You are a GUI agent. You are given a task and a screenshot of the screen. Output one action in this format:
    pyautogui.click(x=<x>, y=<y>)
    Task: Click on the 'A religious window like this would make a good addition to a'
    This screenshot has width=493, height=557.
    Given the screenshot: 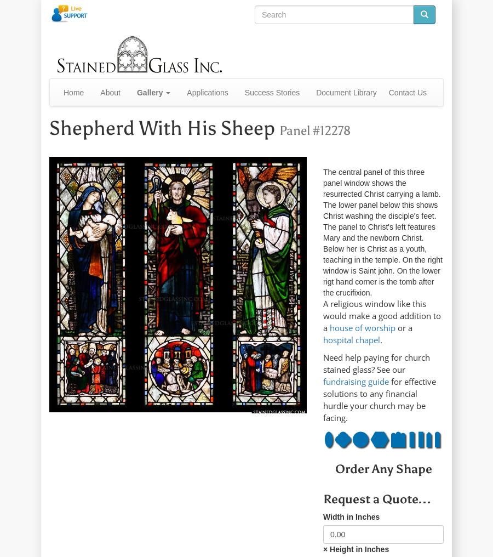 What is the action you would take?
    pyautogui.click(x=381, y=316)
    